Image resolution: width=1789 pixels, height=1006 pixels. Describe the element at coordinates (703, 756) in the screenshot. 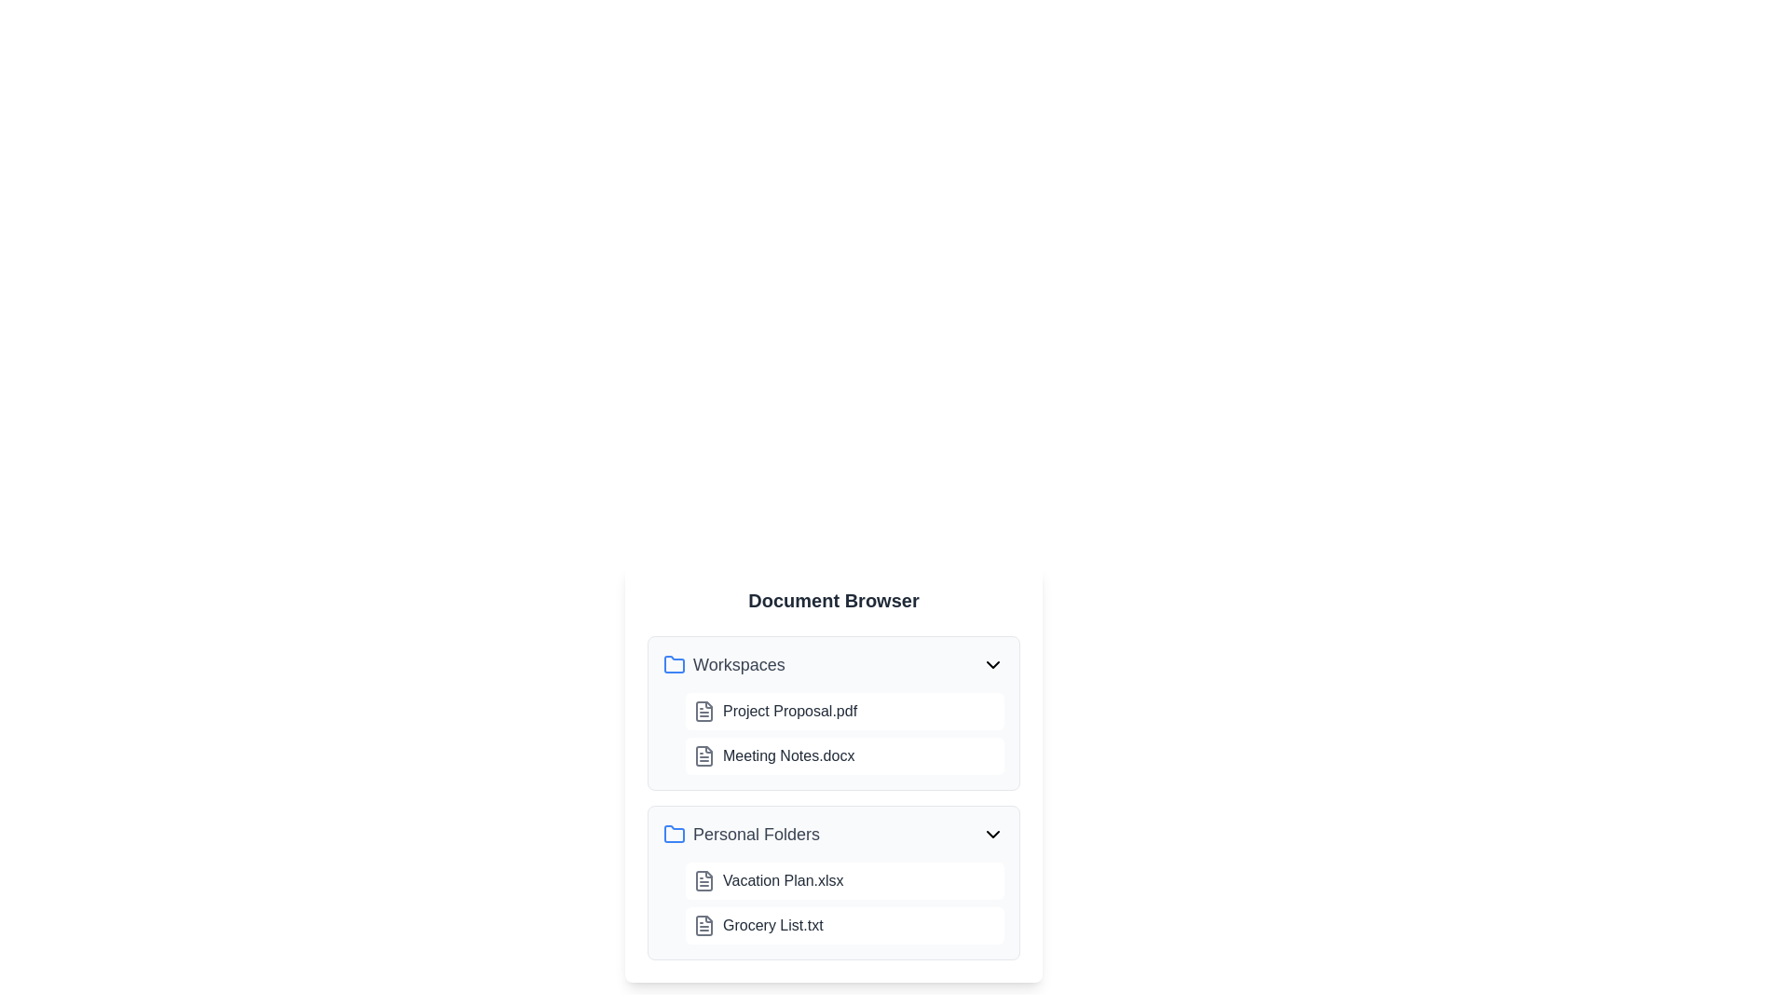

I see `the document icon representing 'Meeting Notes.docx' in the file list under the 'Workspaces' section` at that location.